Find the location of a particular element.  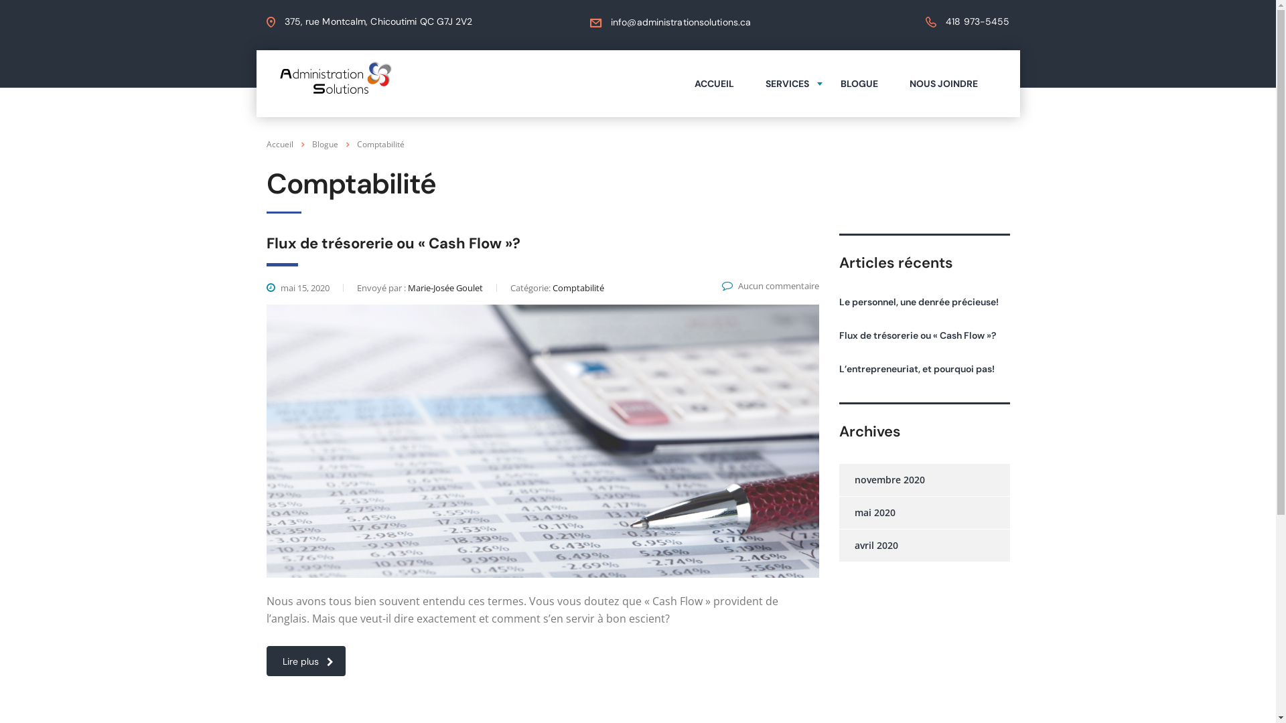

'NOUS JOINDRE' is located at coordinates (942, 83).